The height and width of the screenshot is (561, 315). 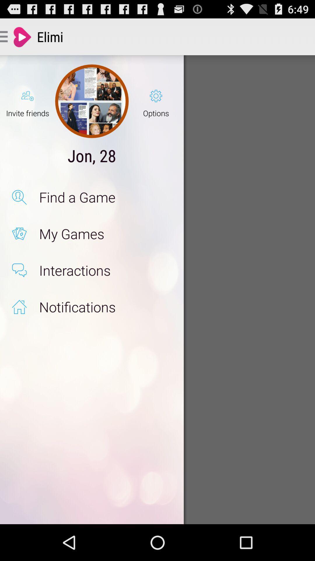 I want to click on options, so click(x=156, y=101).